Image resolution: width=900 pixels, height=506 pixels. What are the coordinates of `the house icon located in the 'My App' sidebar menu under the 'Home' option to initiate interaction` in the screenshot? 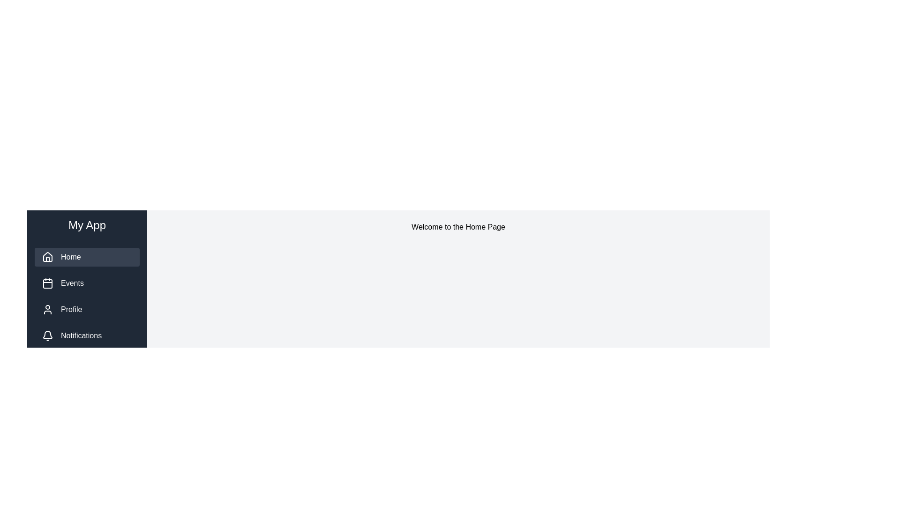 It's located at (47, 256).